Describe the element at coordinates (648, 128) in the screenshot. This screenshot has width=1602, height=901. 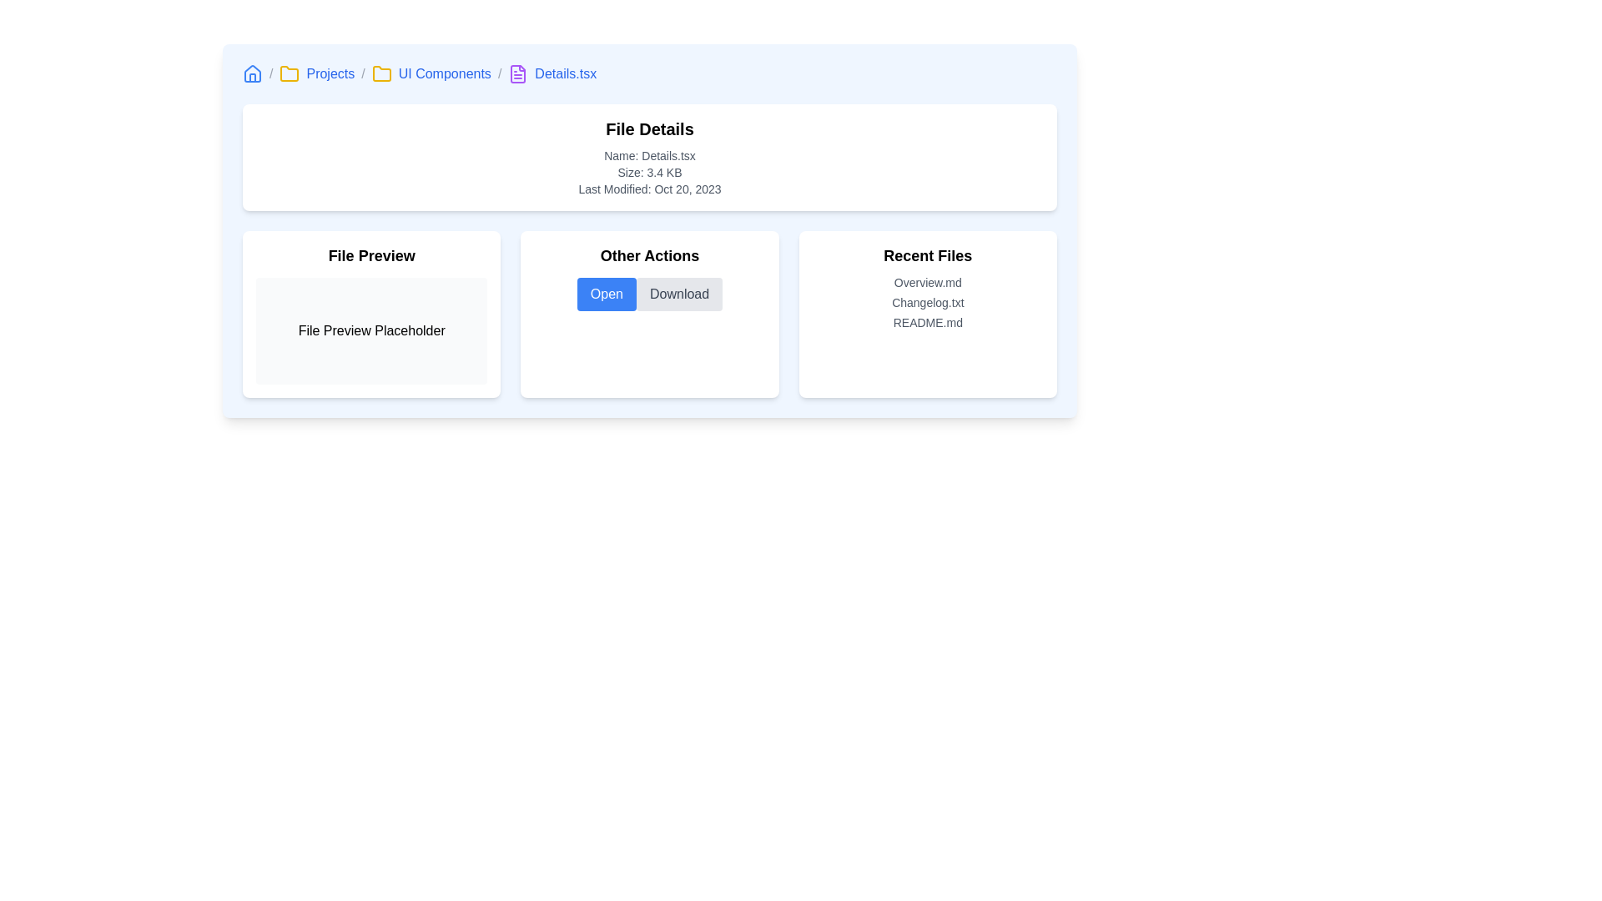
I see `the header Text Label indicating file details, located at the top of the card section` at that location.